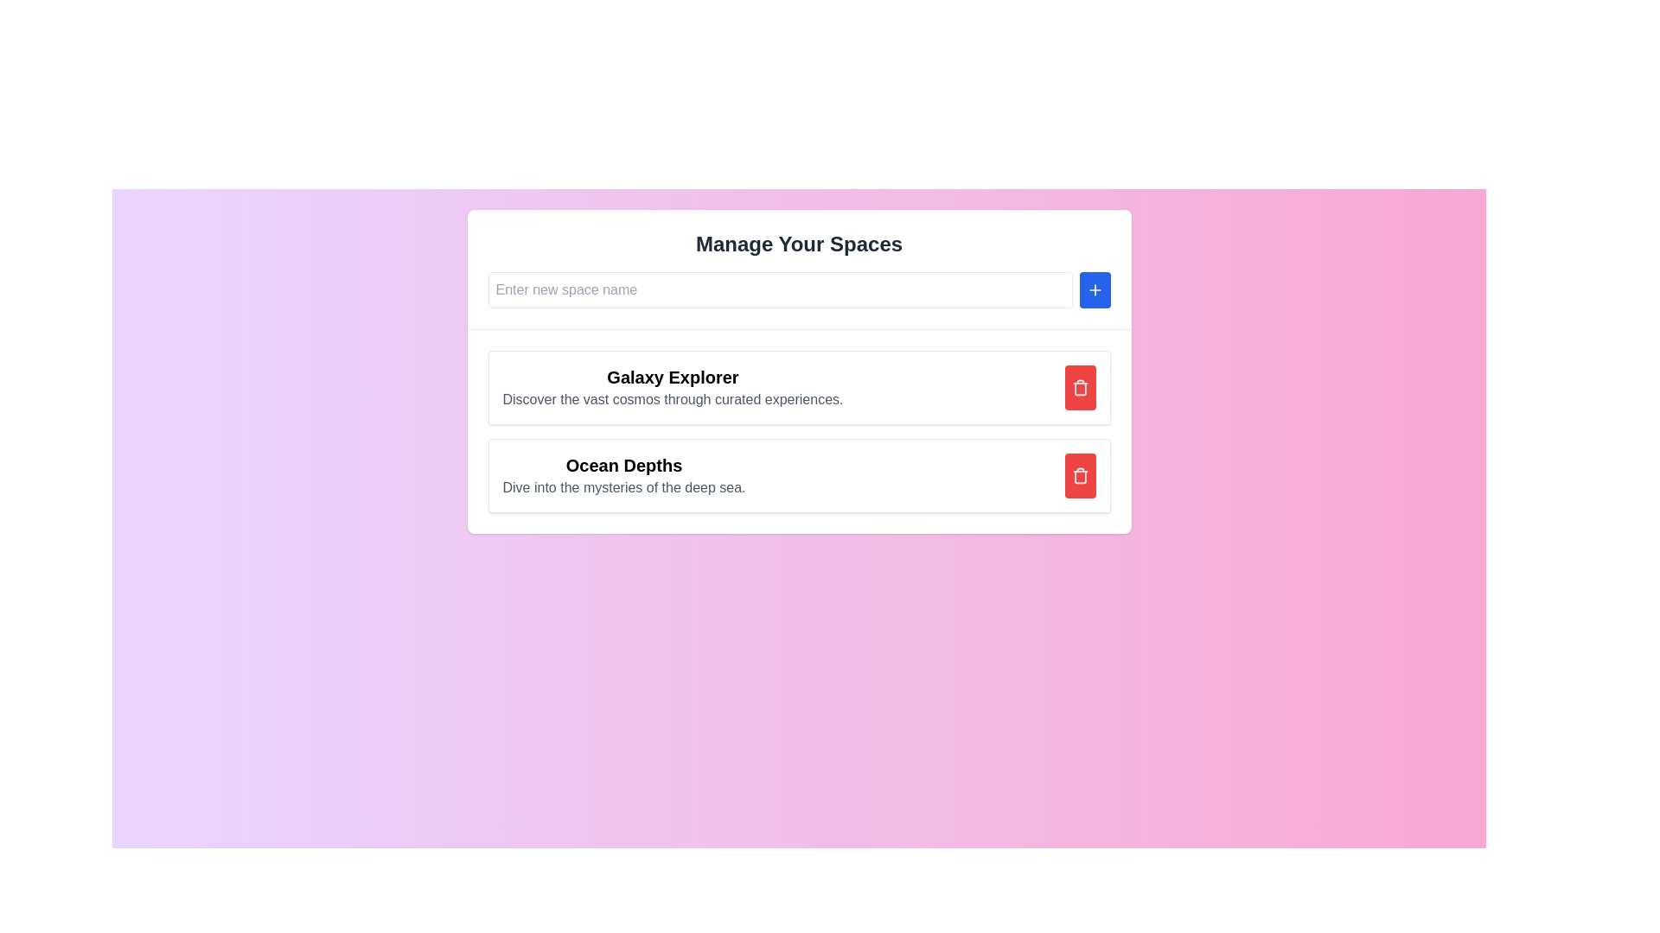  Describe the element at coordinates (1079, 477) in the screenshot. I see `the main body of the trash bin icon, which is a stroke-style vector graphic component located in the right section of the second list item` at that location.